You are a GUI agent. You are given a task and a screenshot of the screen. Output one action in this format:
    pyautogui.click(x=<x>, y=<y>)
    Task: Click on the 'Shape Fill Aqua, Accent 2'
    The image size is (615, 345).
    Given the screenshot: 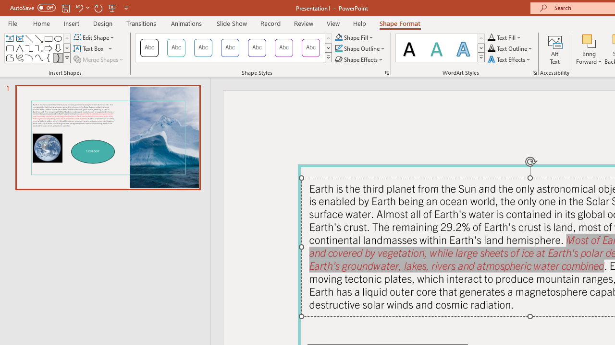 What is the action you would take?
    pyautogui.click(x=338, y=37)
    